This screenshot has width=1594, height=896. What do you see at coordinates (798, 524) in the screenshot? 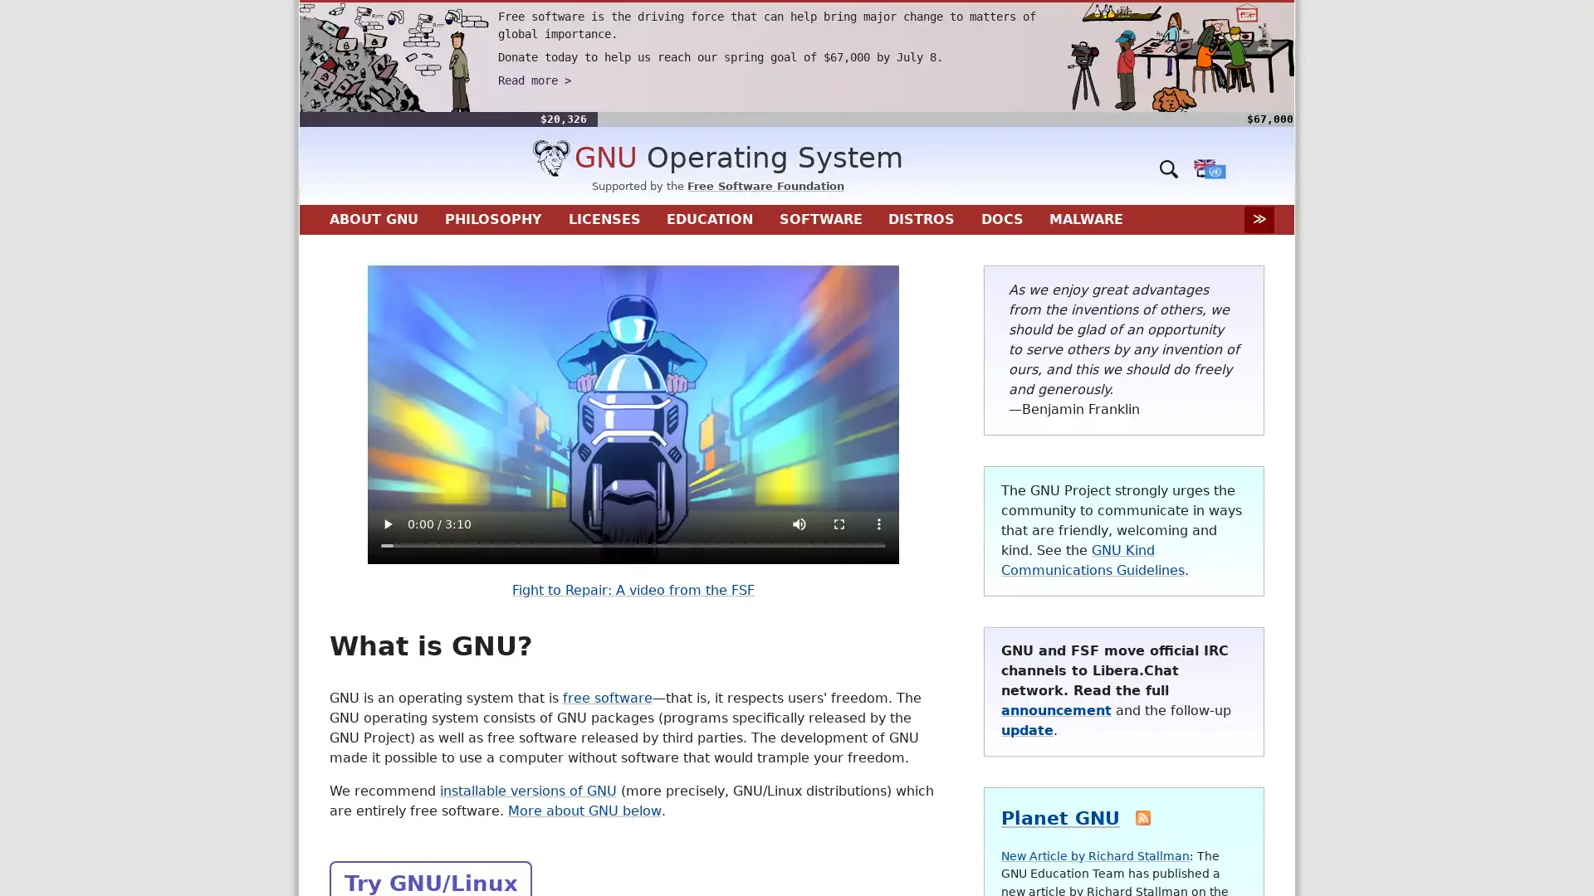
I see `mute` at bounding box center [798, 524].